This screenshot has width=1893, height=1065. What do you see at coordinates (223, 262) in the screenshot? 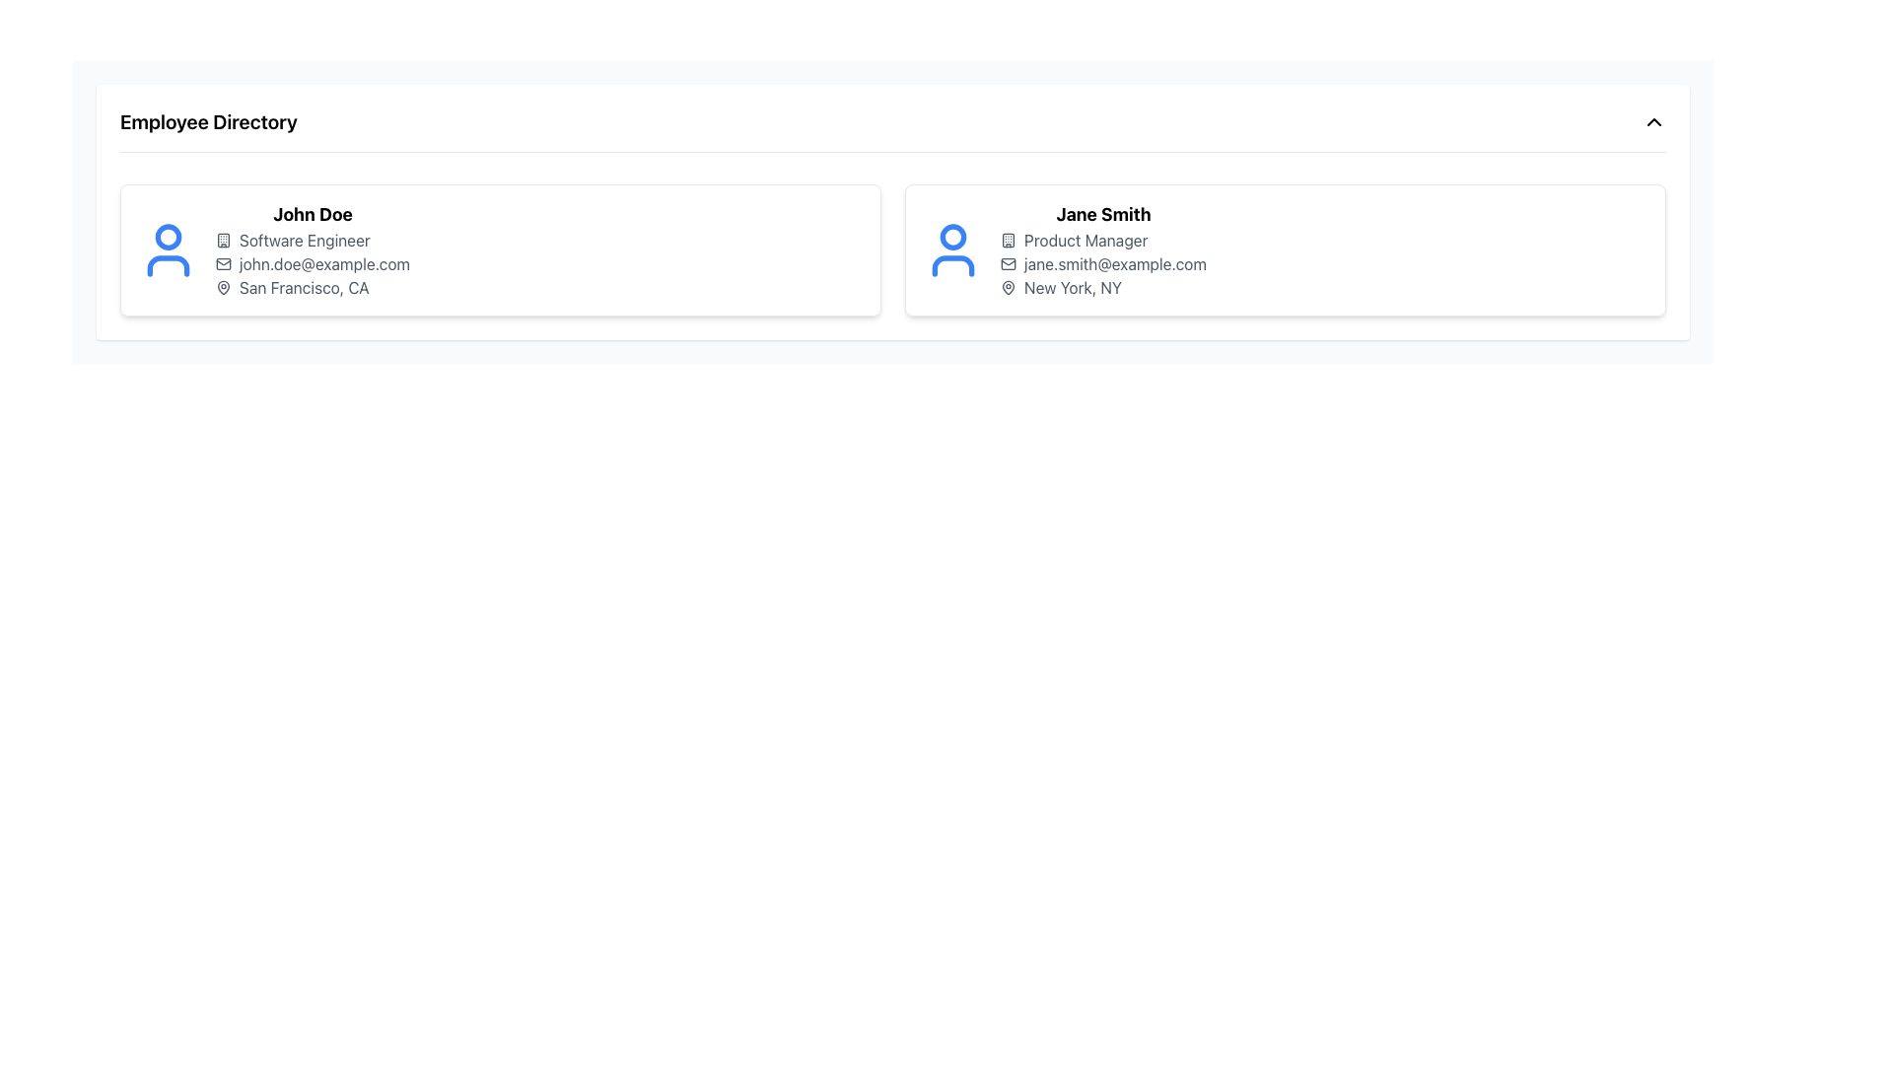
I see `the email icon in John Doe's profile card, which is a rectangular shape with rounded corners styled as a minimal email icon, located under the name and title, to the left of the email address text` at bounding box center [223, 262].